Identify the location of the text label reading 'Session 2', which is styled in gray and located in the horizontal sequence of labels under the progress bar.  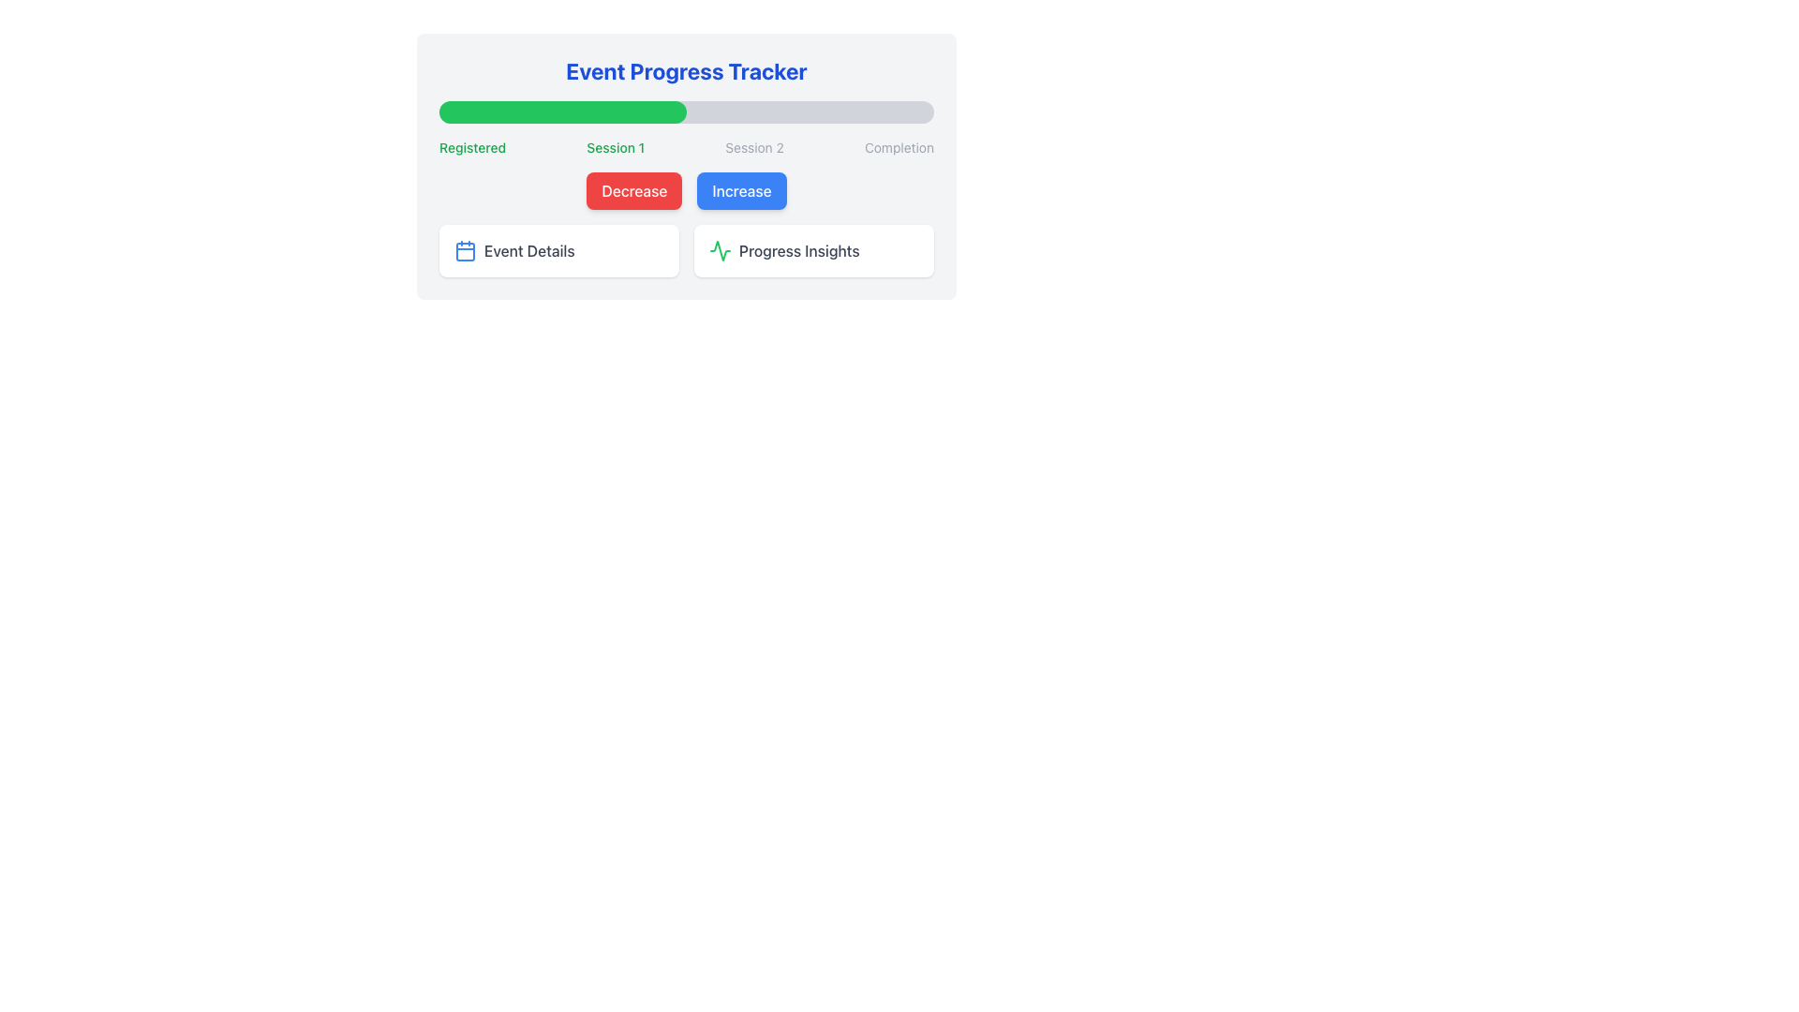
(754, 147).